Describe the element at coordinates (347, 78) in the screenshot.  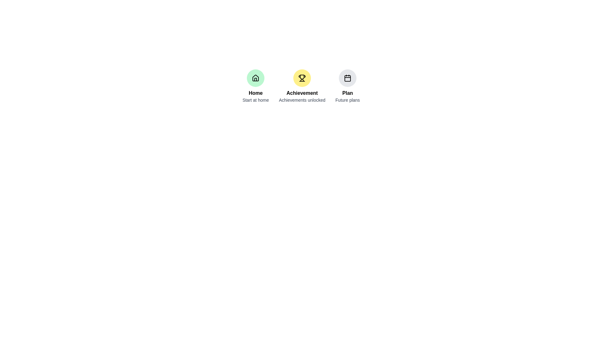
I see `the planning or schedule icon located to the right of the 'Home' and 'Achievement' groups` at that location.